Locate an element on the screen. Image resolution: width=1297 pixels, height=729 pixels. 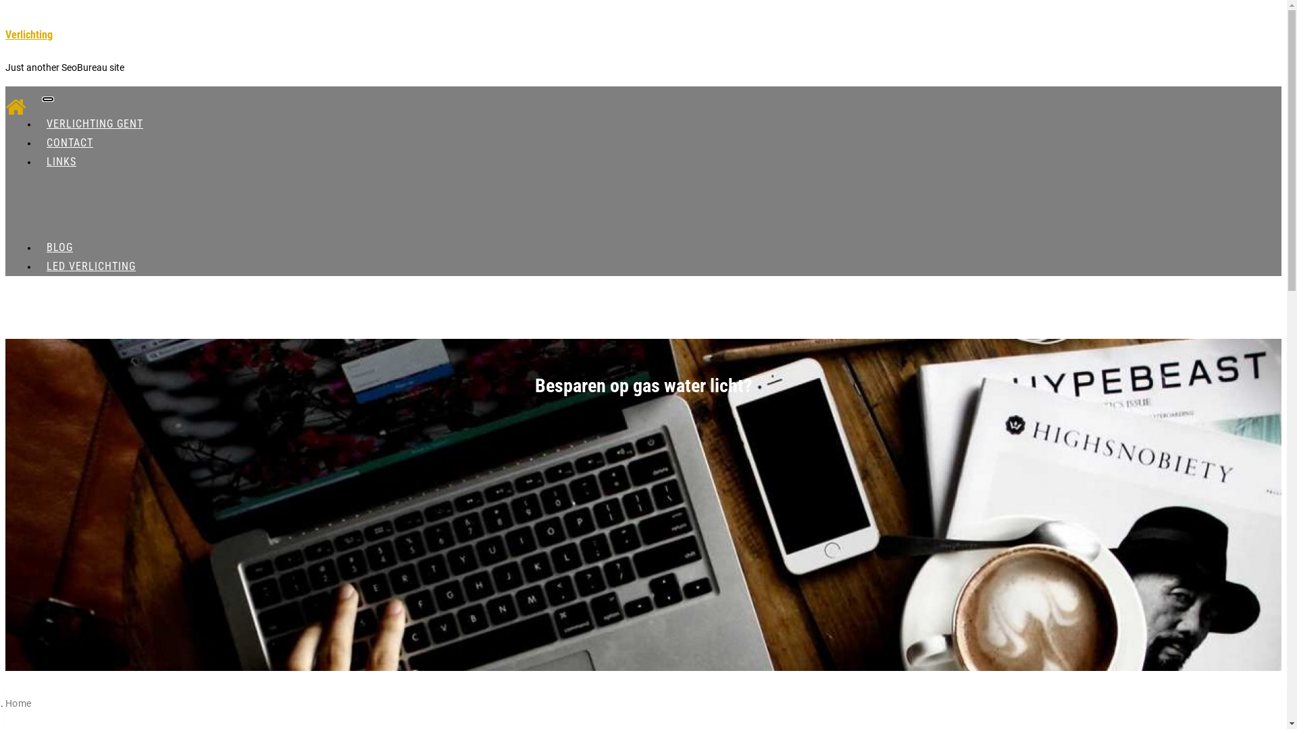
'Ga naar de inhoud' is located at coordinates (5, 5).